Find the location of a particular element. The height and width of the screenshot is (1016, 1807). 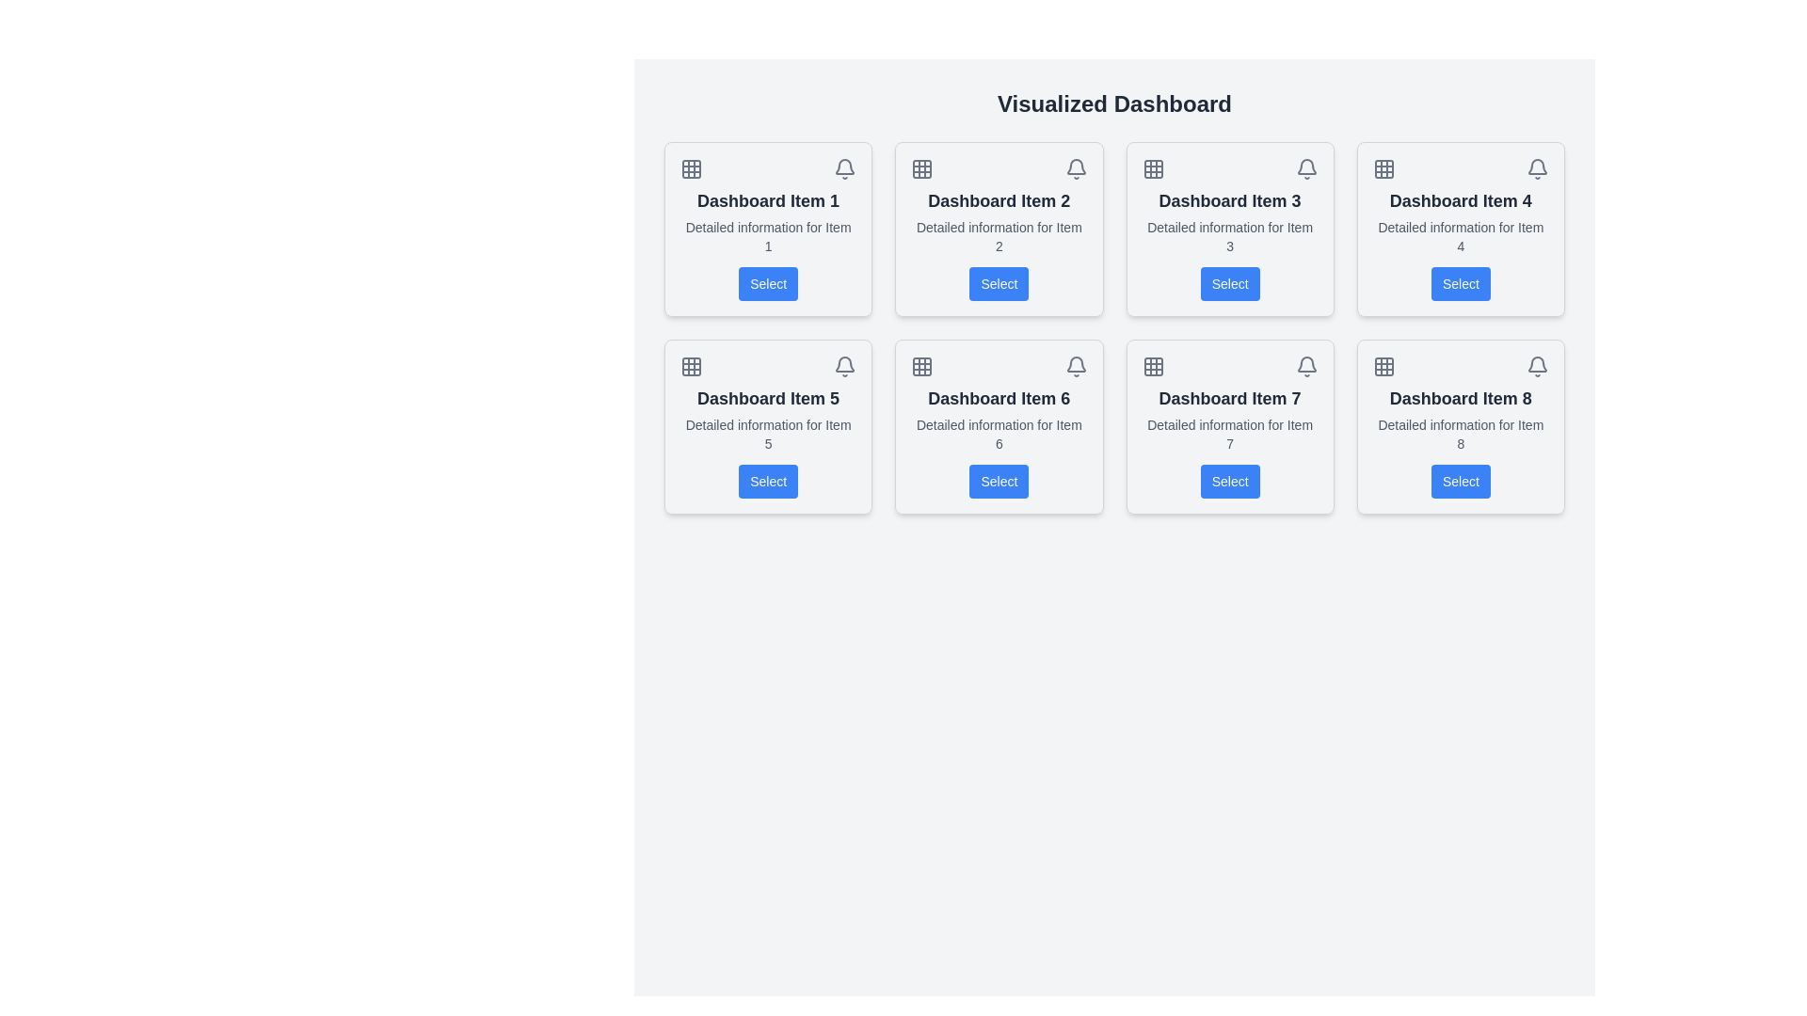

the grid layout icon located in the top-left corner of the 'Dashboard Item 3' section, which is positioned to the left of the section title and above the 'Select' button is located at coordinates (1152, 169).